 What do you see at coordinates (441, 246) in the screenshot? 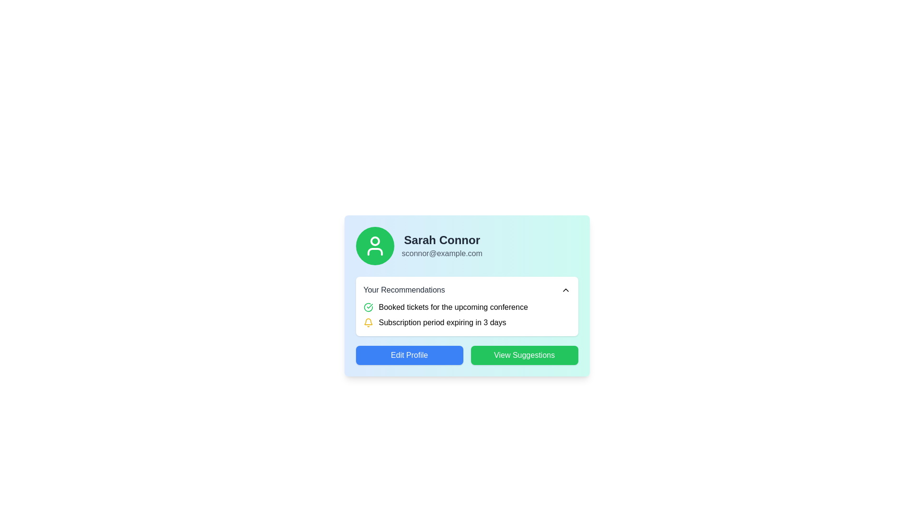
I see `displayed information from the Text block containing 'Sarah Connor' and 'sconnor@example.com', which is located in the upper-right portion of a box with a circular avatar icon to its left` at bounding box center [441, 246].